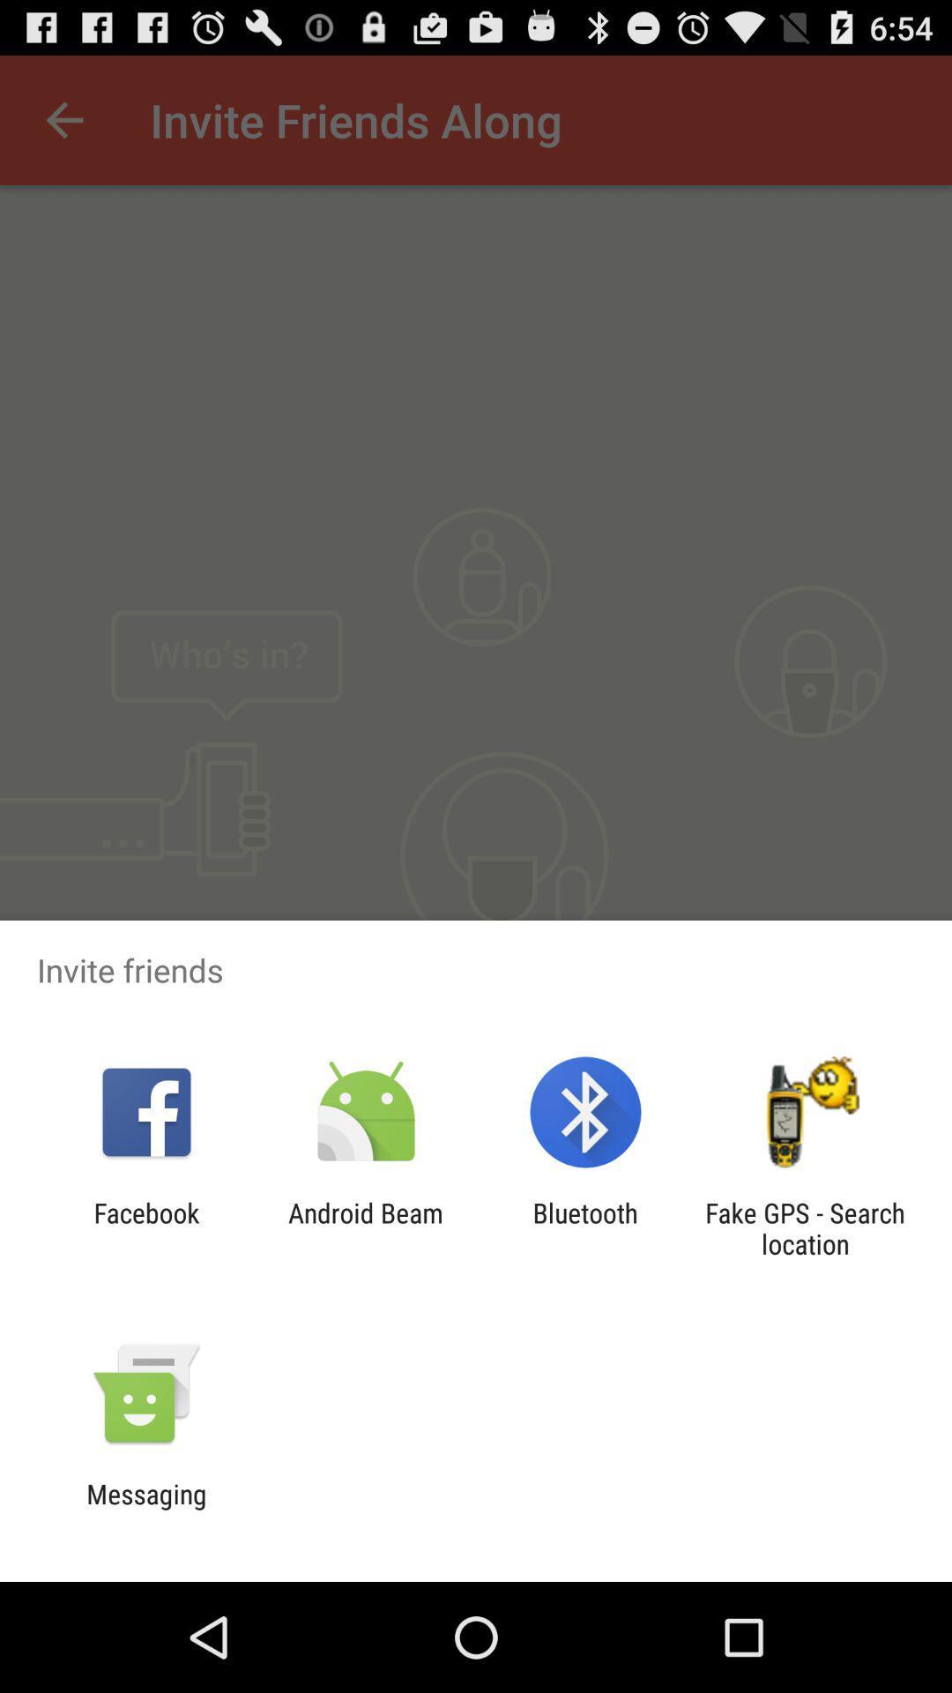  Describe the element at coordinates (365, 1227) in the screenshot. I see `the item next to the bluetooth icon` at that location.